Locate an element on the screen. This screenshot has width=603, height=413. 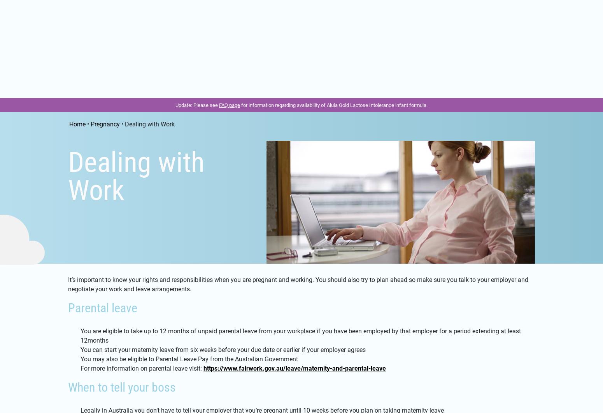
'Increase child and maternal health and development' is located at coordinates (152, 172).